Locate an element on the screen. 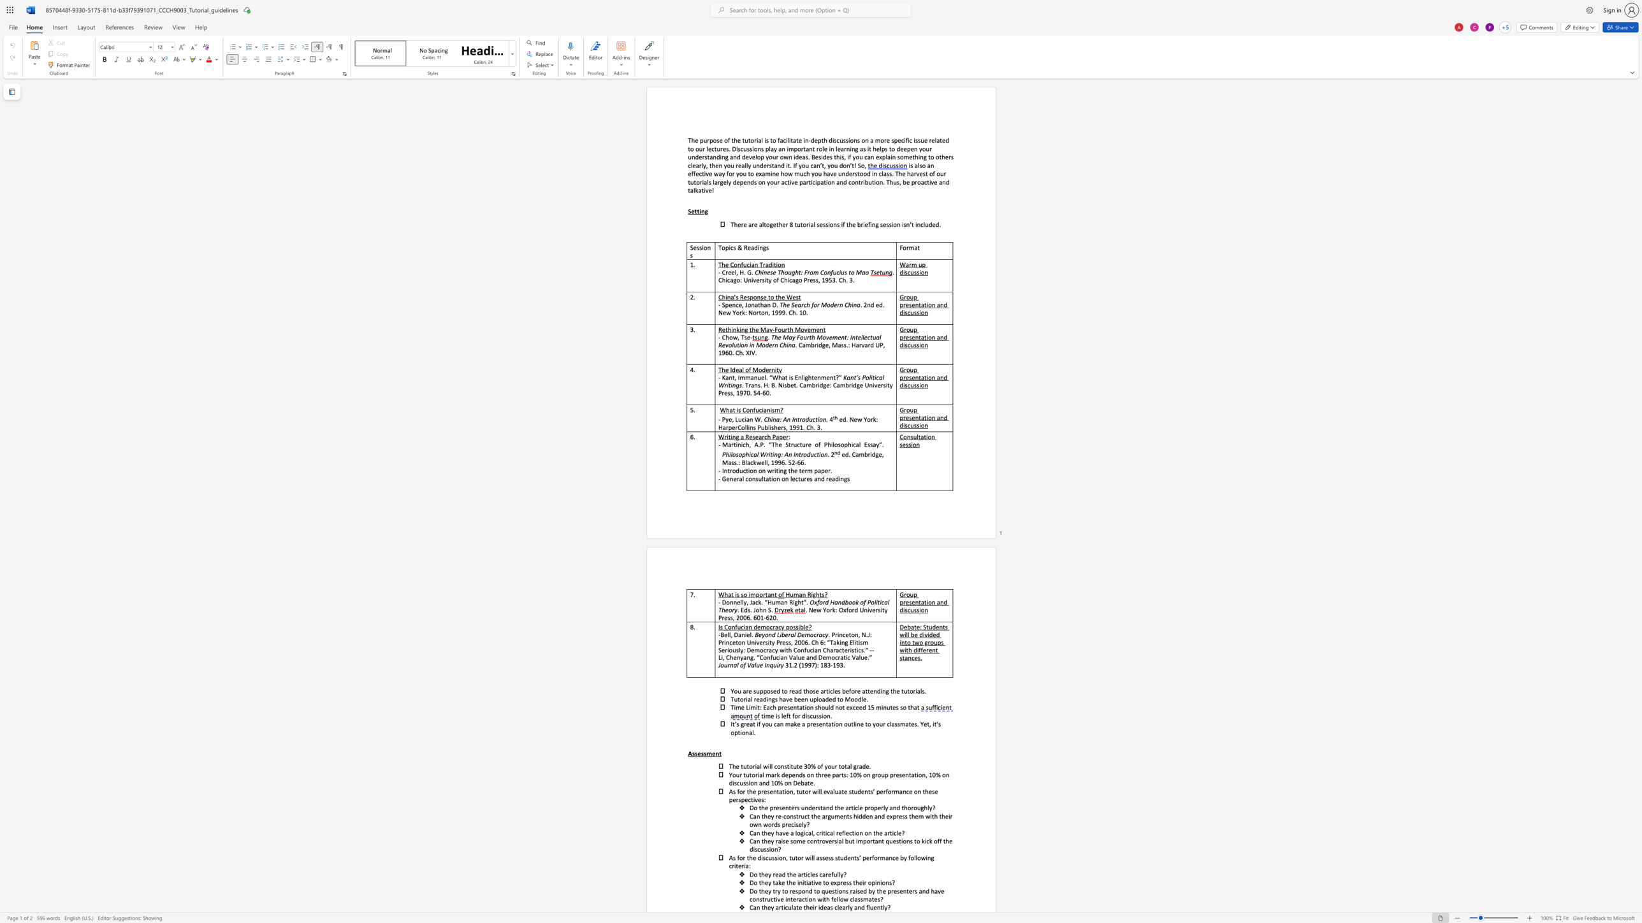  the space between the continuous character "t" and "u" in the text is located at coordinates (745, 140).